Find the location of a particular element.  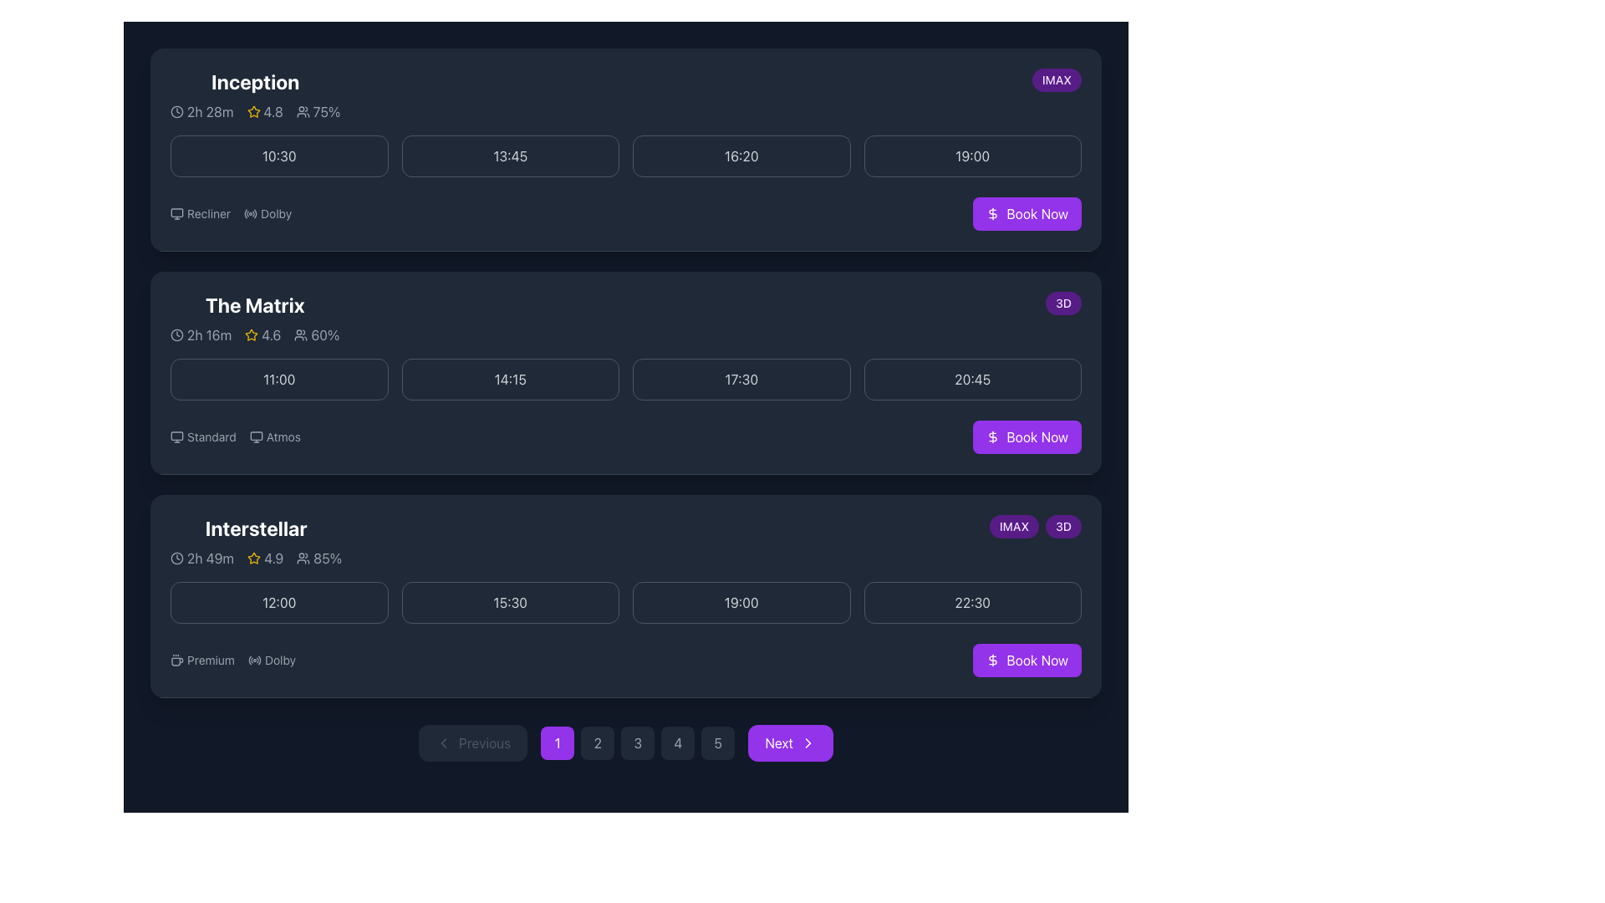

the '20:45' time slot button under the movie 'The Matrix' is located at coordinates (972, 380).